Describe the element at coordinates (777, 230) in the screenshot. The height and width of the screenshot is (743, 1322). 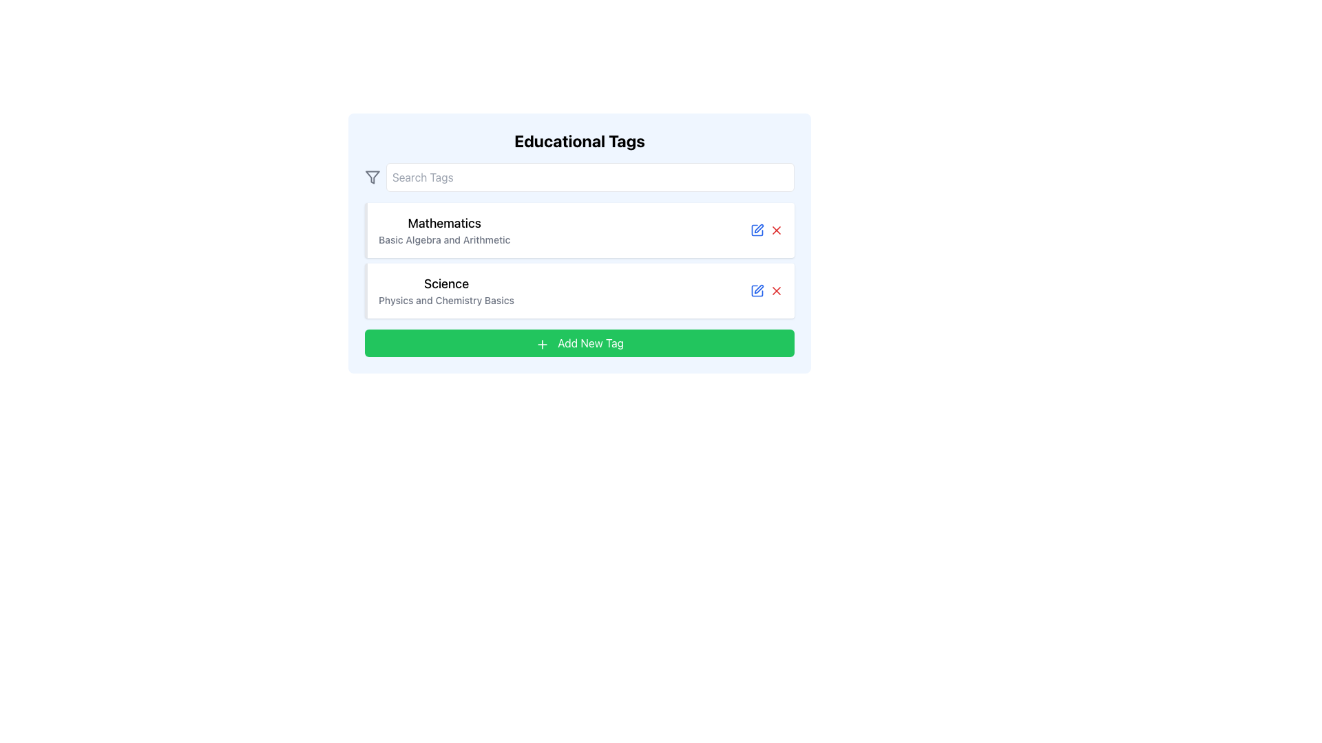
I see `the red 'X' icon button located to the right of the 'Edit' icon` at that location.